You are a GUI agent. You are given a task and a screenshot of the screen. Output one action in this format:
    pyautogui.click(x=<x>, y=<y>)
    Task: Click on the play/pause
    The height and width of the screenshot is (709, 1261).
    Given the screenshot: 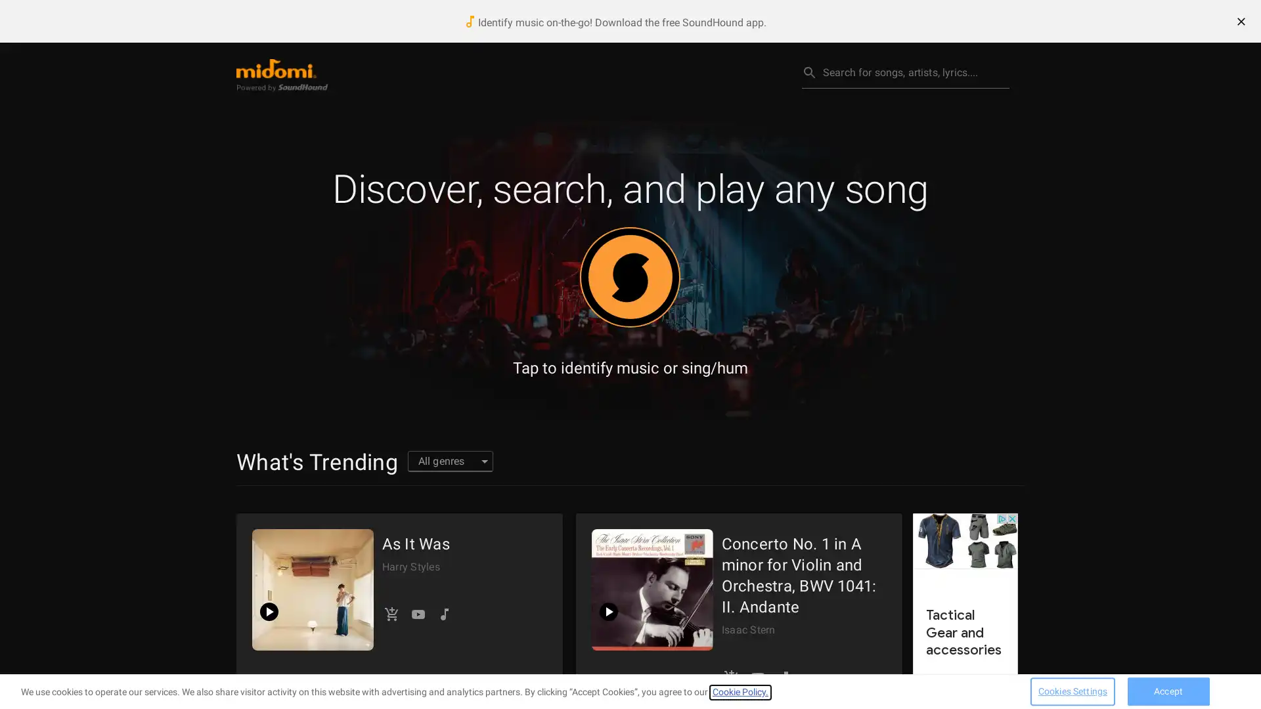 What is the action you would take?
    pyautogui.click(x=268, y=612)
    